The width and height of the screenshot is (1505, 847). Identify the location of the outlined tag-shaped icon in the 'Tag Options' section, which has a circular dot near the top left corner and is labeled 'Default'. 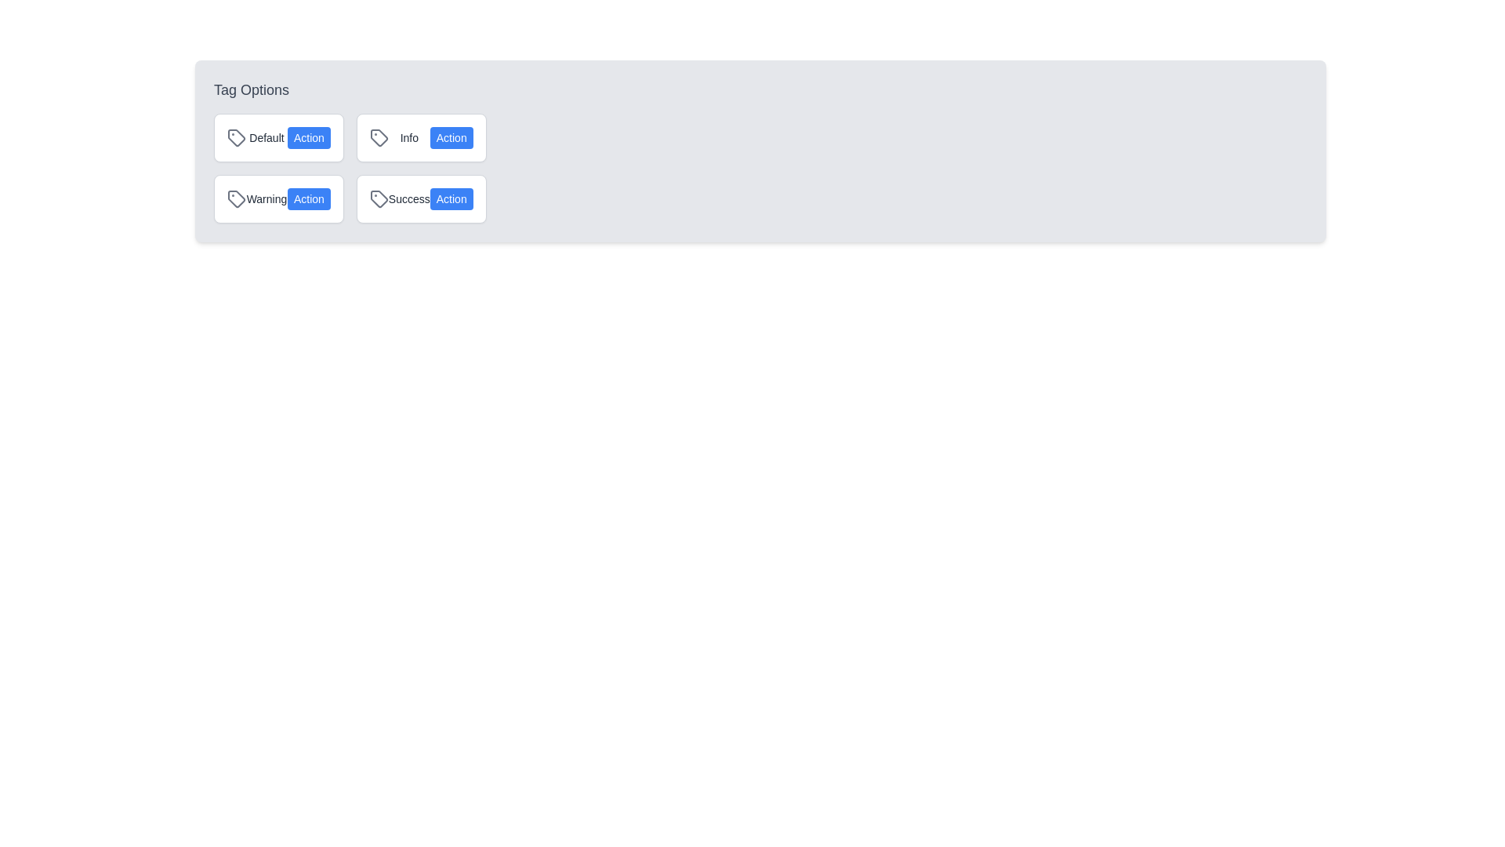
(236, 137).